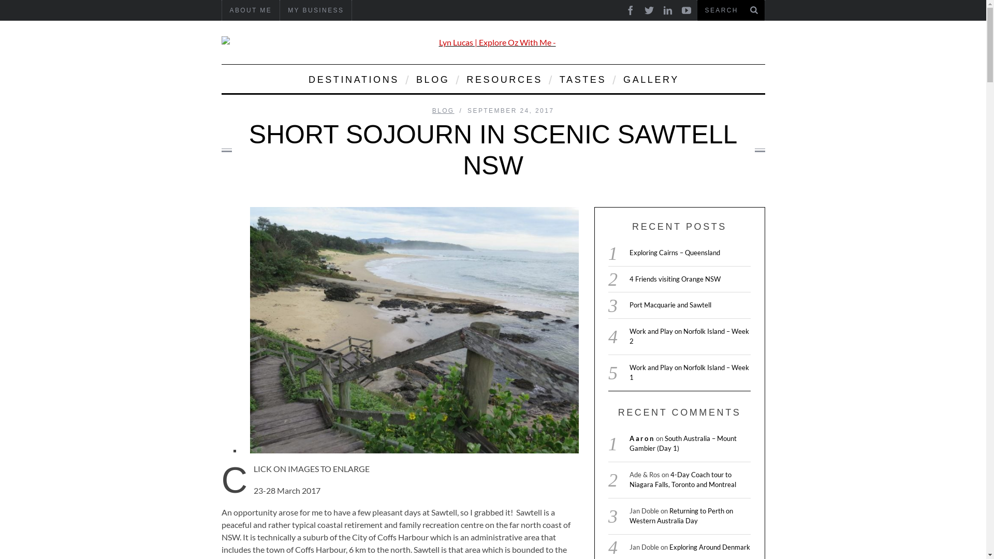  Describe the element at coordinates (670, 304) in the screenshot. I see `'Port Macquarie and Sawtell'` at that location.